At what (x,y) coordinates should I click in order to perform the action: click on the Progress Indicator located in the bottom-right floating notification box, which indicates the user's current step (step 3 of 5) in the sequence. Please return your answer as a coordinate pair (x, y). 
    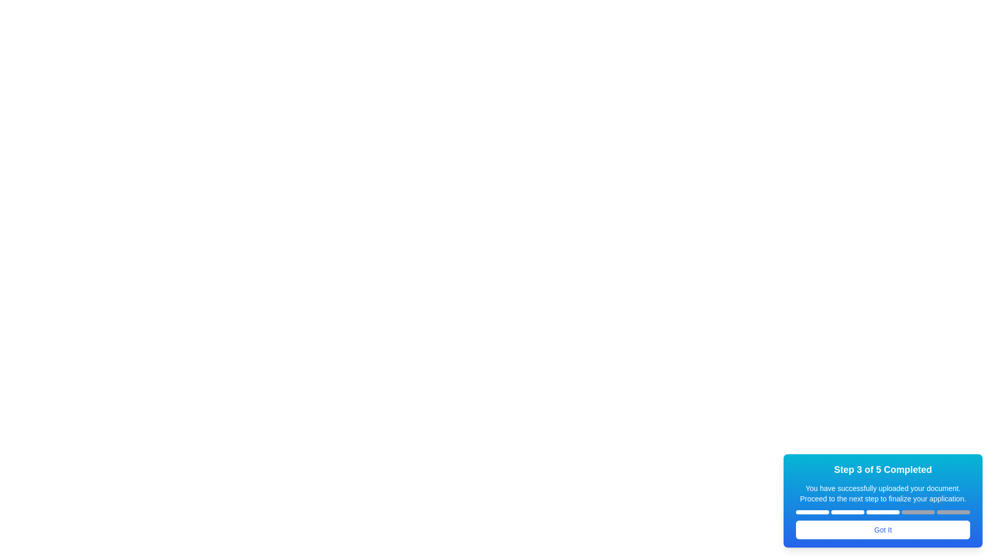
    Looking at the image, I should click on (883, 511).